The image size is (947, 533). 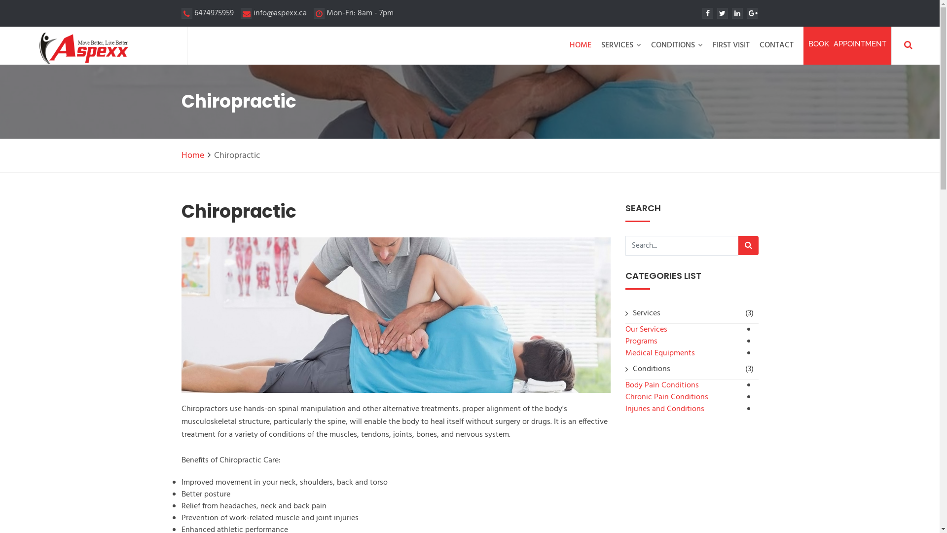 I want to click on 'Conditions', so click(x=632, y=369).